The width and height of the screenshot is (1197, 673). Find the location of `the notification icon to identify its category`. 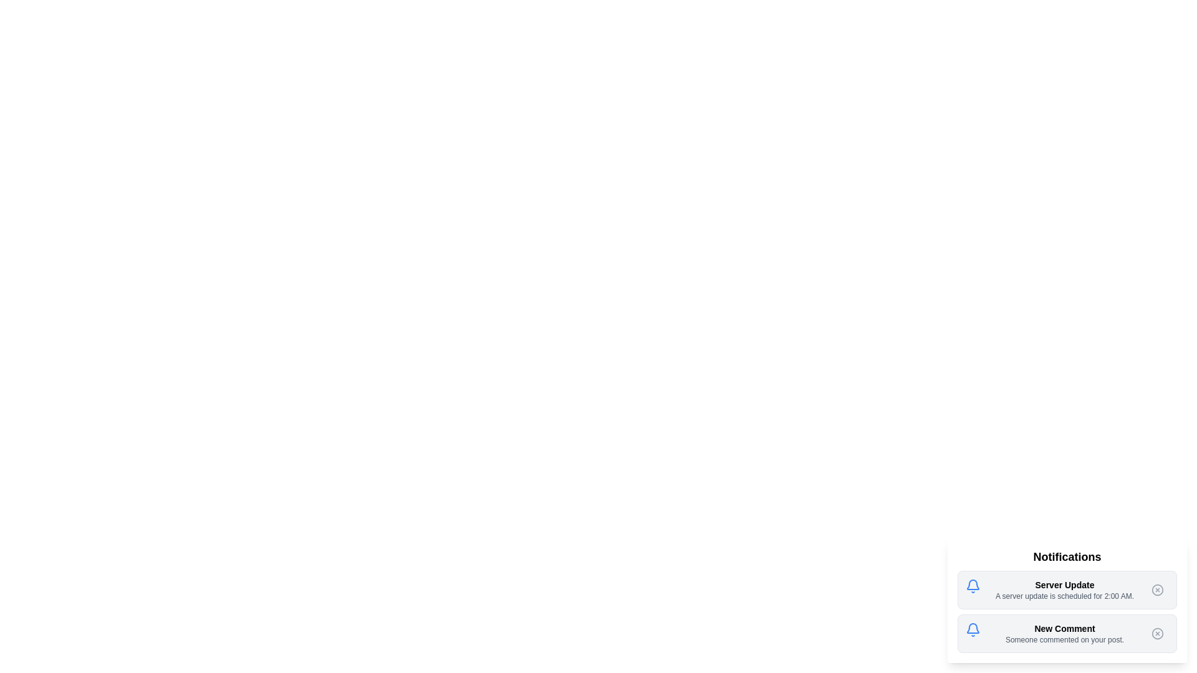

the notification icon to identify its category is located at coordinates (972, 586).